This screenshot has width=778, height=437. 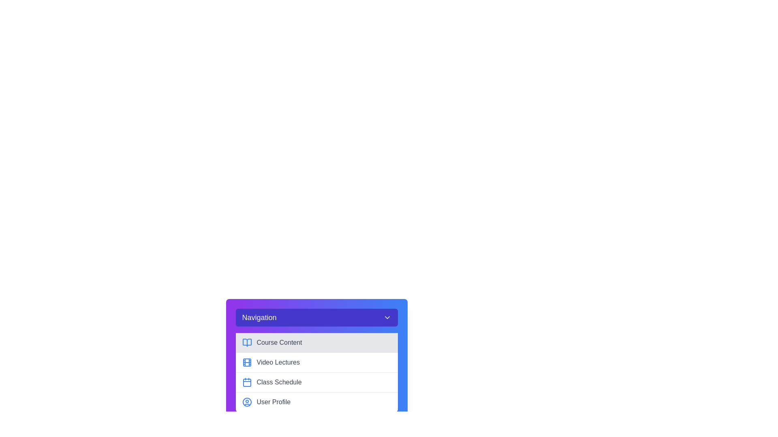 What do you see at coordinates (274, 402) in the screenshot?
I see `the 'User Profile' text label in the navigation menu, which is styled in gray and located to the right of the blue user icon` at bounding box center [274, 402].